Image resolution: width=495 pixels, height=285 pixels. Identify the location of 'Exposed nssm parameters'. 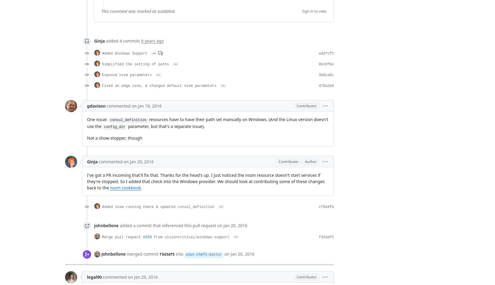
(126, 75).